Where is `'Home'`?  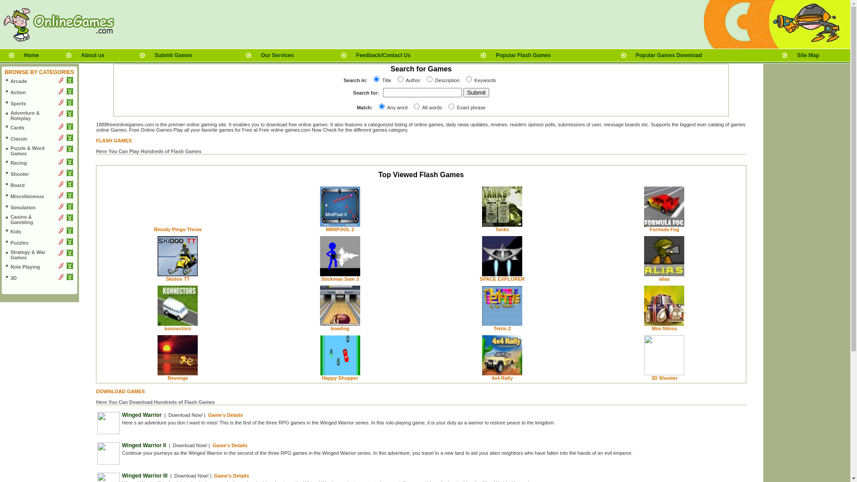
'Home' is located at coordinates (31, 55).